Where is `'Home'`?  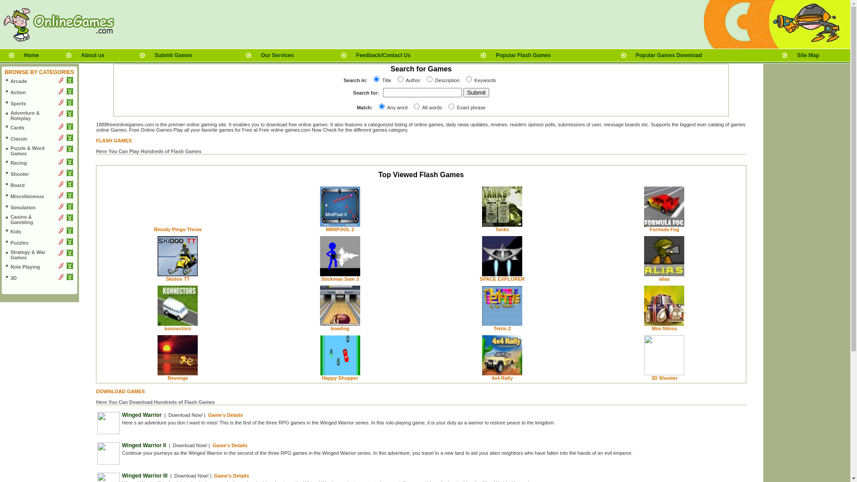
'Home' is located at coordinates (31, 55).